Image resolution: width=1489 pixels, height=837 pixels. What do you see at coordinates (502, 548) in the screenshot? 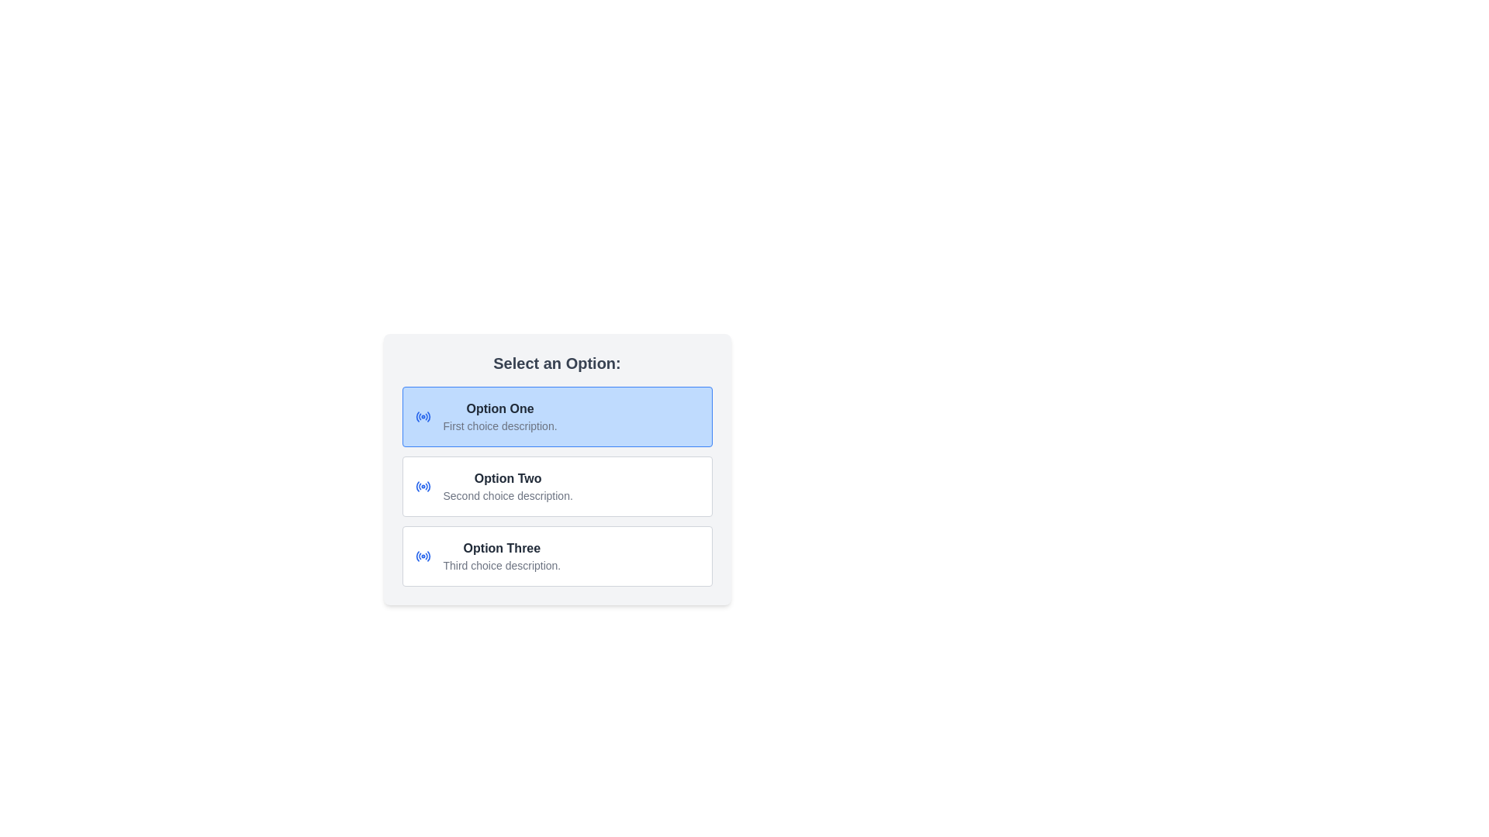
I see `label text 'Option Three' located at the top of the third selectable option card in the UI` at bounding box center [502, 548].